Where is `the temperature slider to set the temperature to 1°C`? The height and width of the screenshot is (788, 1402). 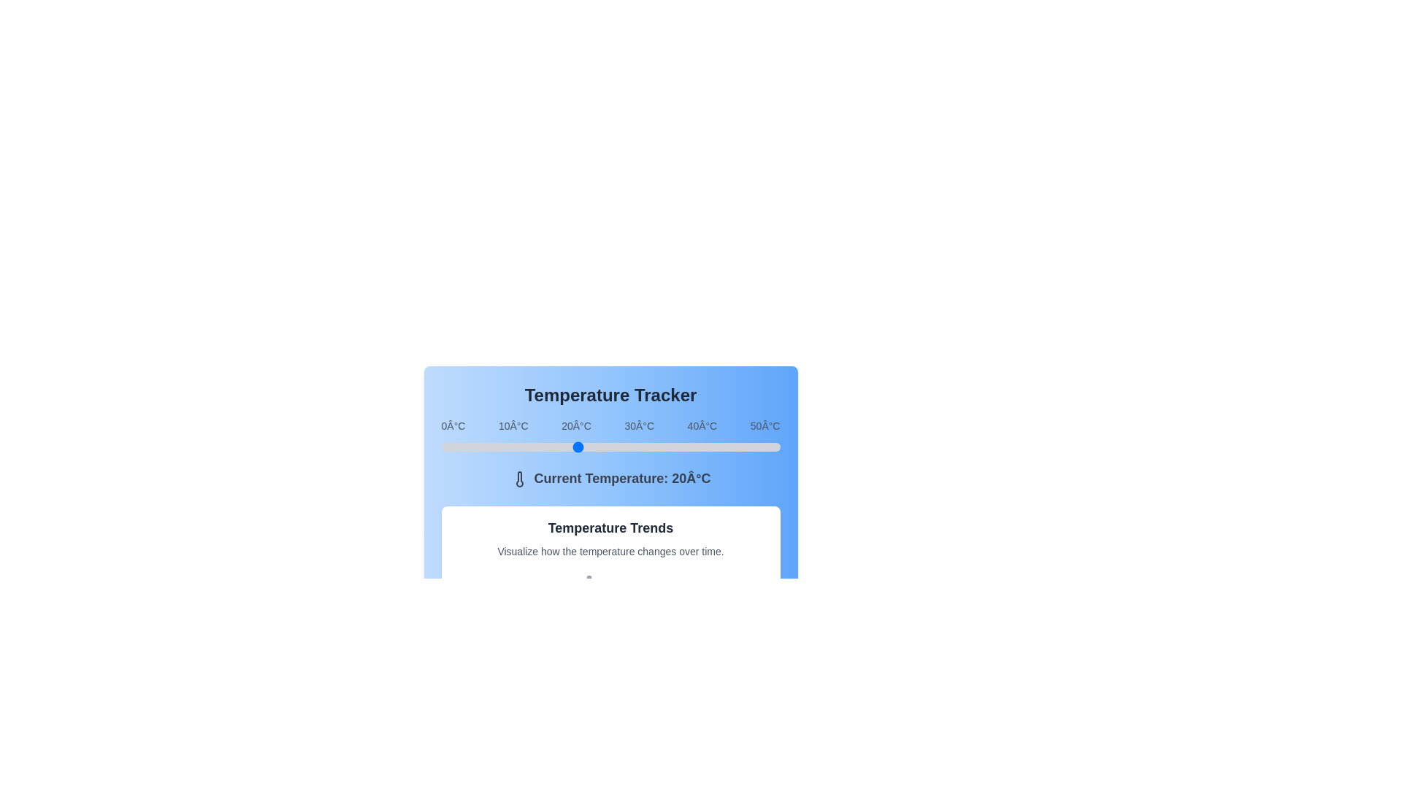 the temperature slider to set the temperature to 1°C is located at coordinates (447, 447).